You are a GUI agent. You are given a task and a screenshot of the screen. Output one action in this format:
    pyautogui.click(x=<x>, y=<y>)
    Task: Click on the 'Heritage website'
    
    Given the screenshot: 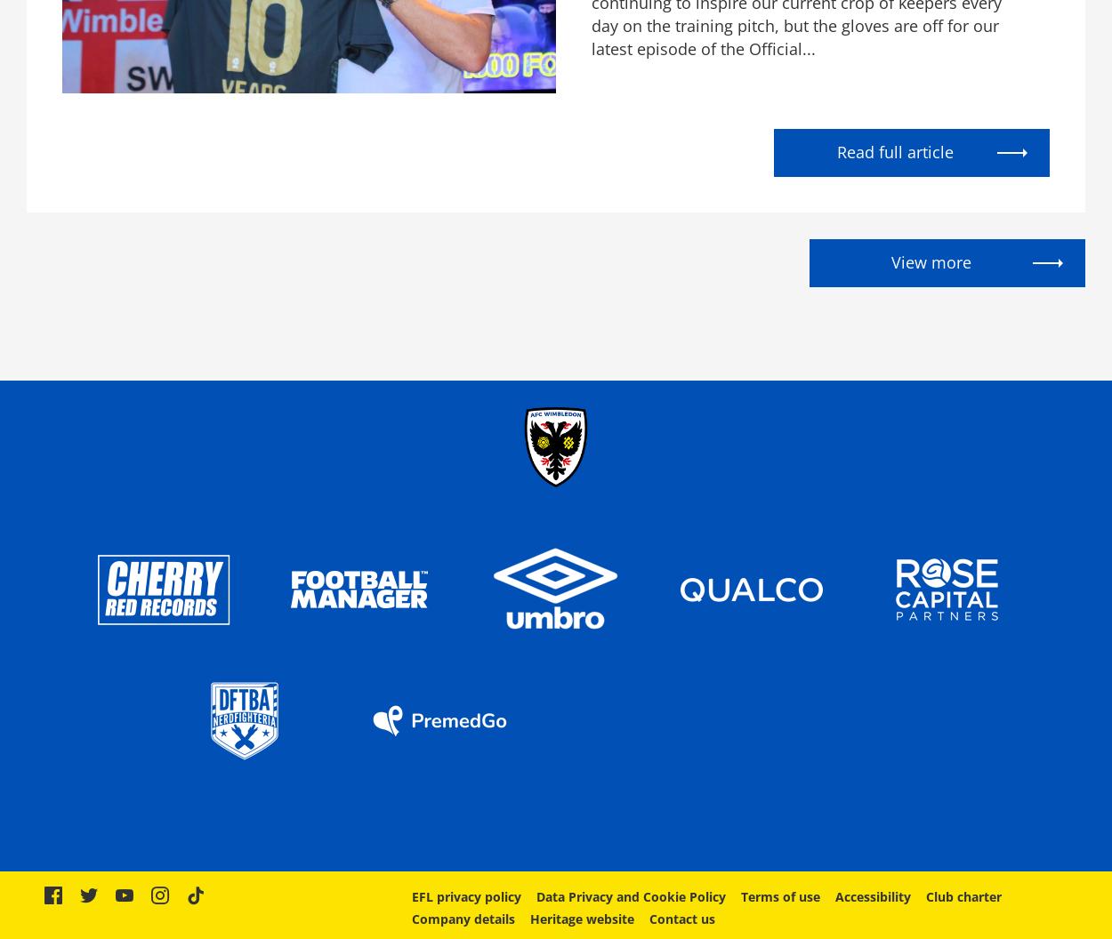 What is the action you would take?
    pyautogui.click(x=581, y=918)
    